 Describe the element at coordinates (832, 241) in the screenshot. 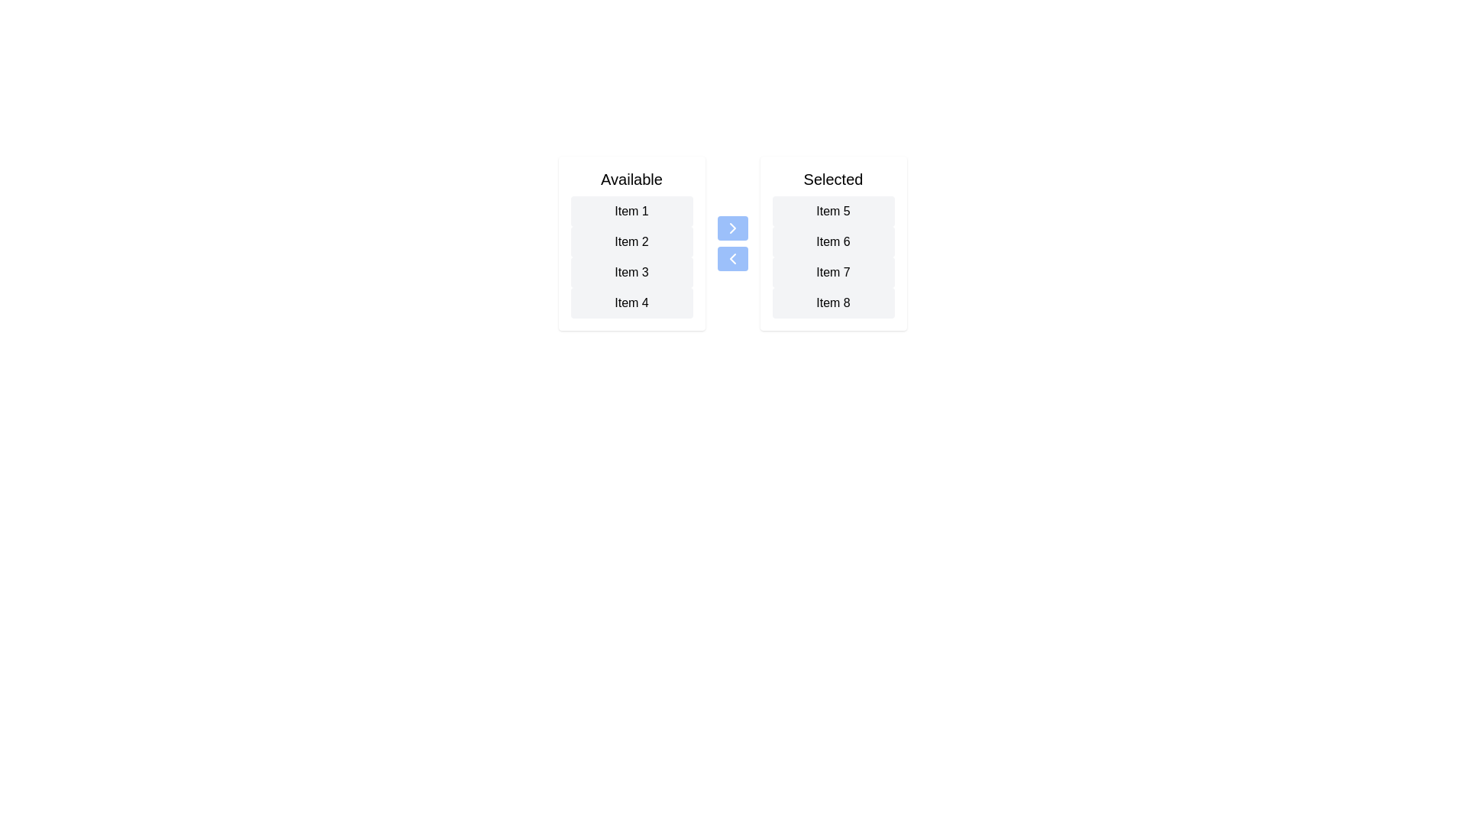

I see `the List Item labeled 'Item 6' which has a light gray background and is the second item in the 'Selected' column` at that location.